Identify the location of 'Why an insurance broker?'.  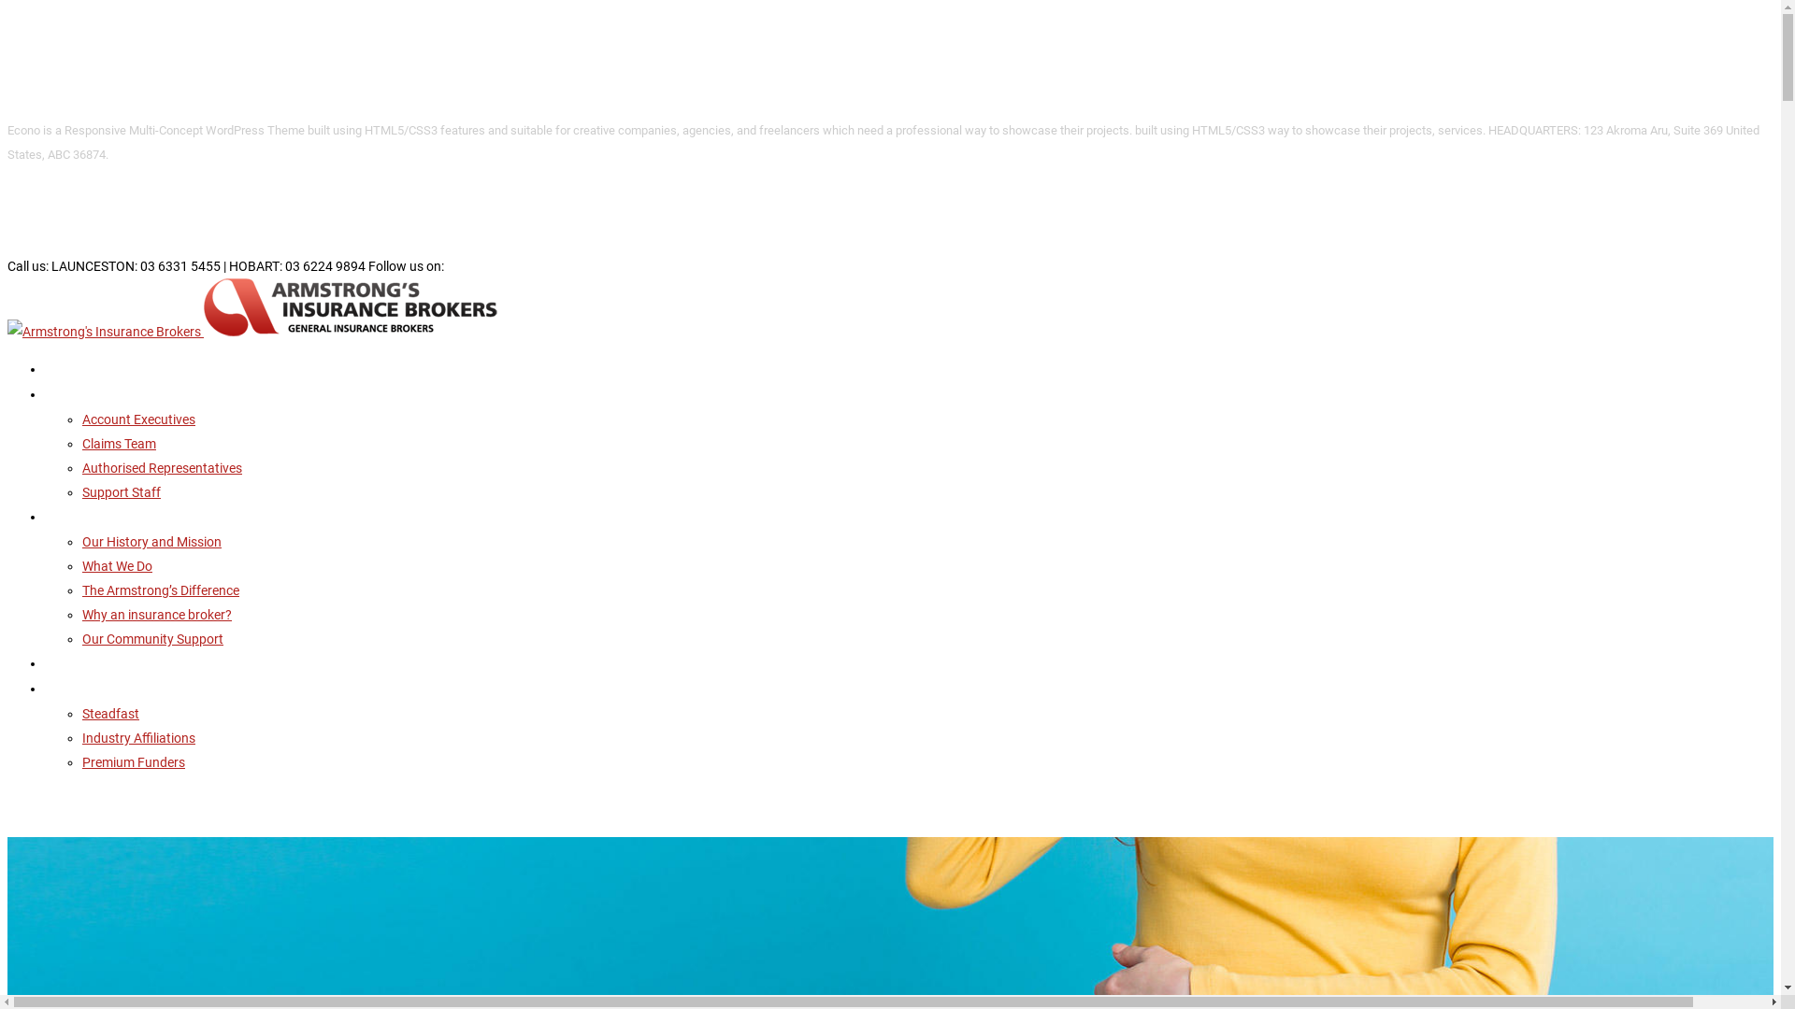
(157, 615).